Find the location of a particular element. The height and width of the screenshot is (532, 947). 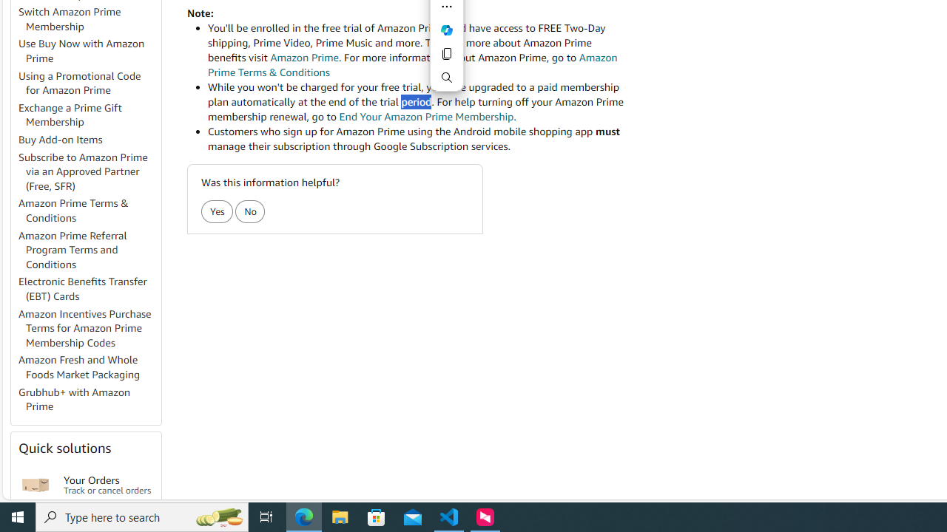

'Buy Add-on Items' is located at coordinates (60, 140).